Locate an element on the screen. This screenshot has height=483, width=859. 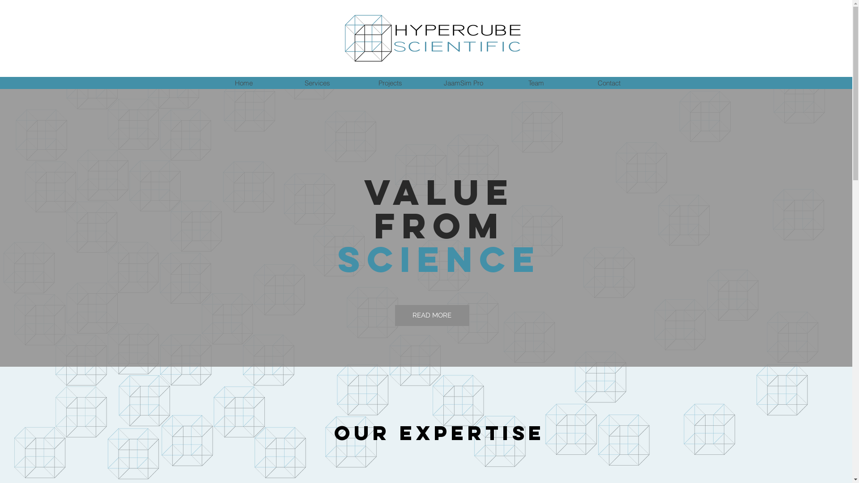
'Contact' is located at coordinates (608, 83).